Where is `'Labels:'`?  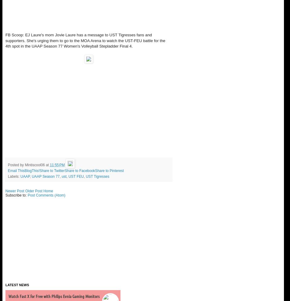 'Labels:' is located at coordinates (14, 176).